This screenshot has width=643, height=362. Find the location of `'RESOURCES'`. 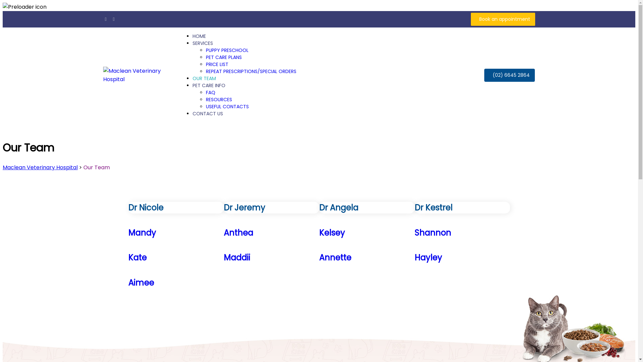

'RESOURCES' is located at coordinates (219, 100).